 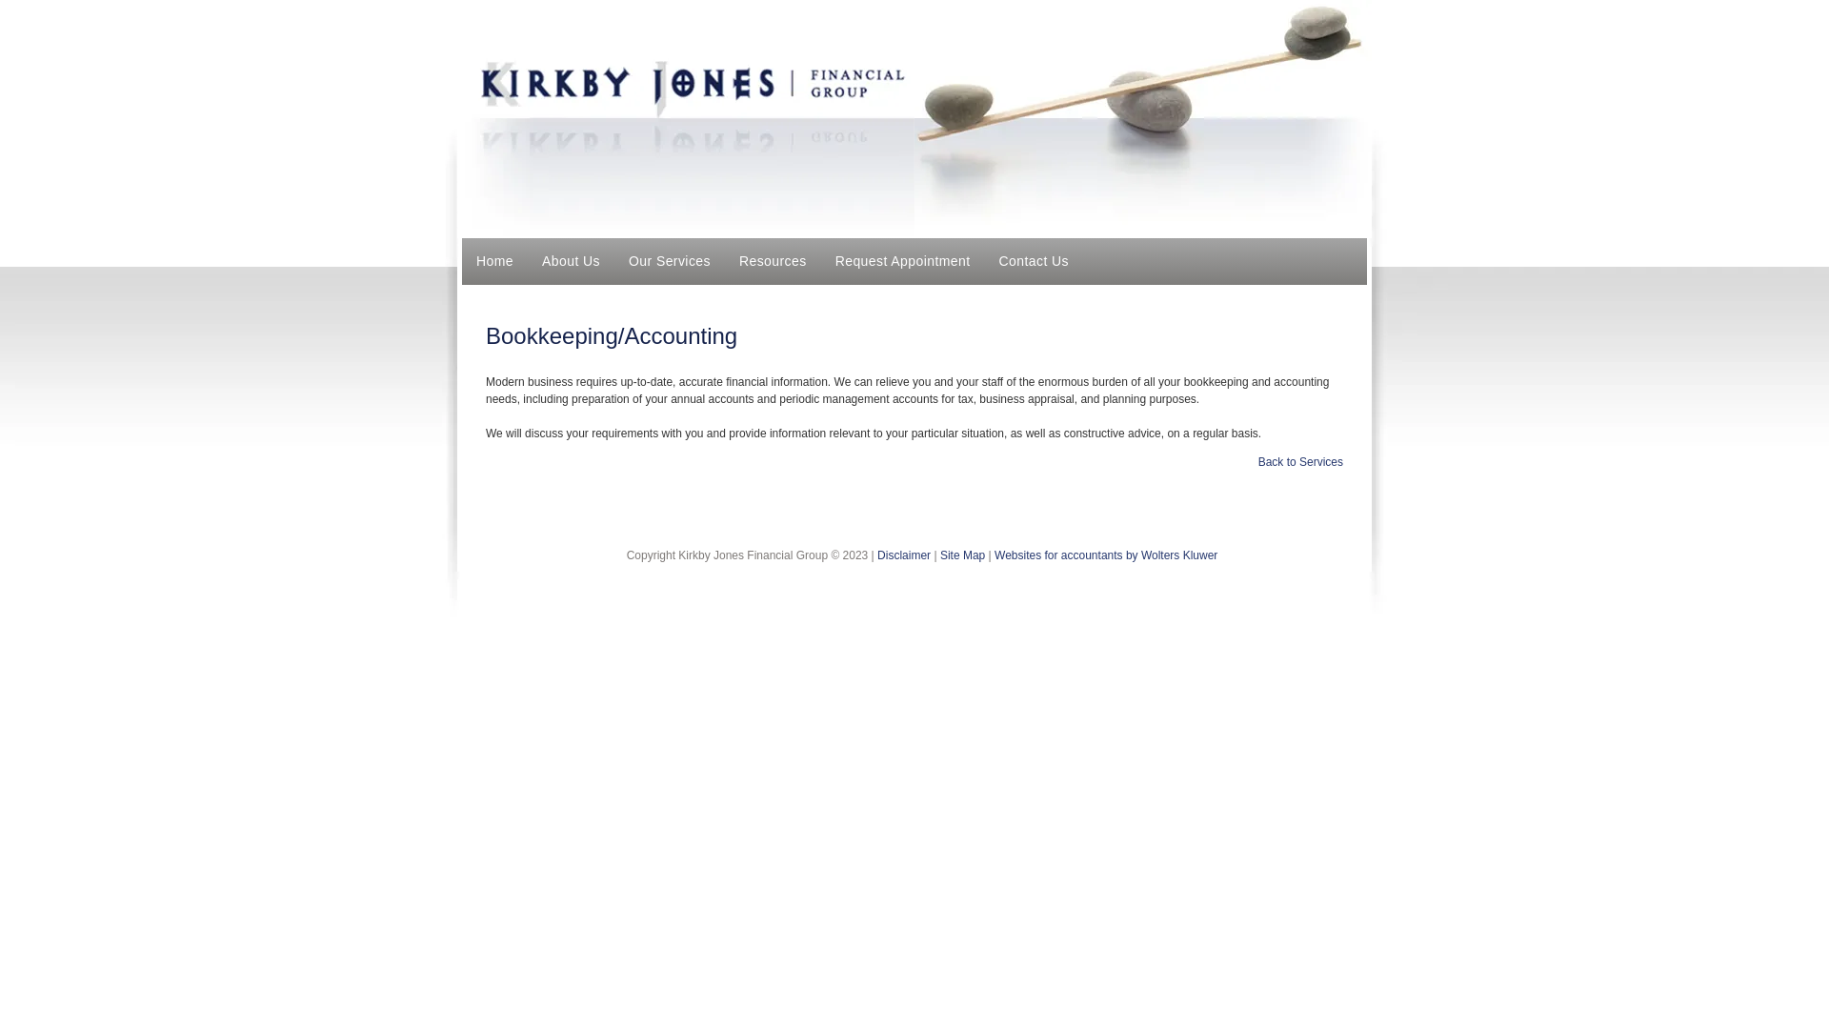 What do you see at coordinates (1033, 261) in the screenshot?
I see `'Contact Us'` at bounding box center [1033, 261].